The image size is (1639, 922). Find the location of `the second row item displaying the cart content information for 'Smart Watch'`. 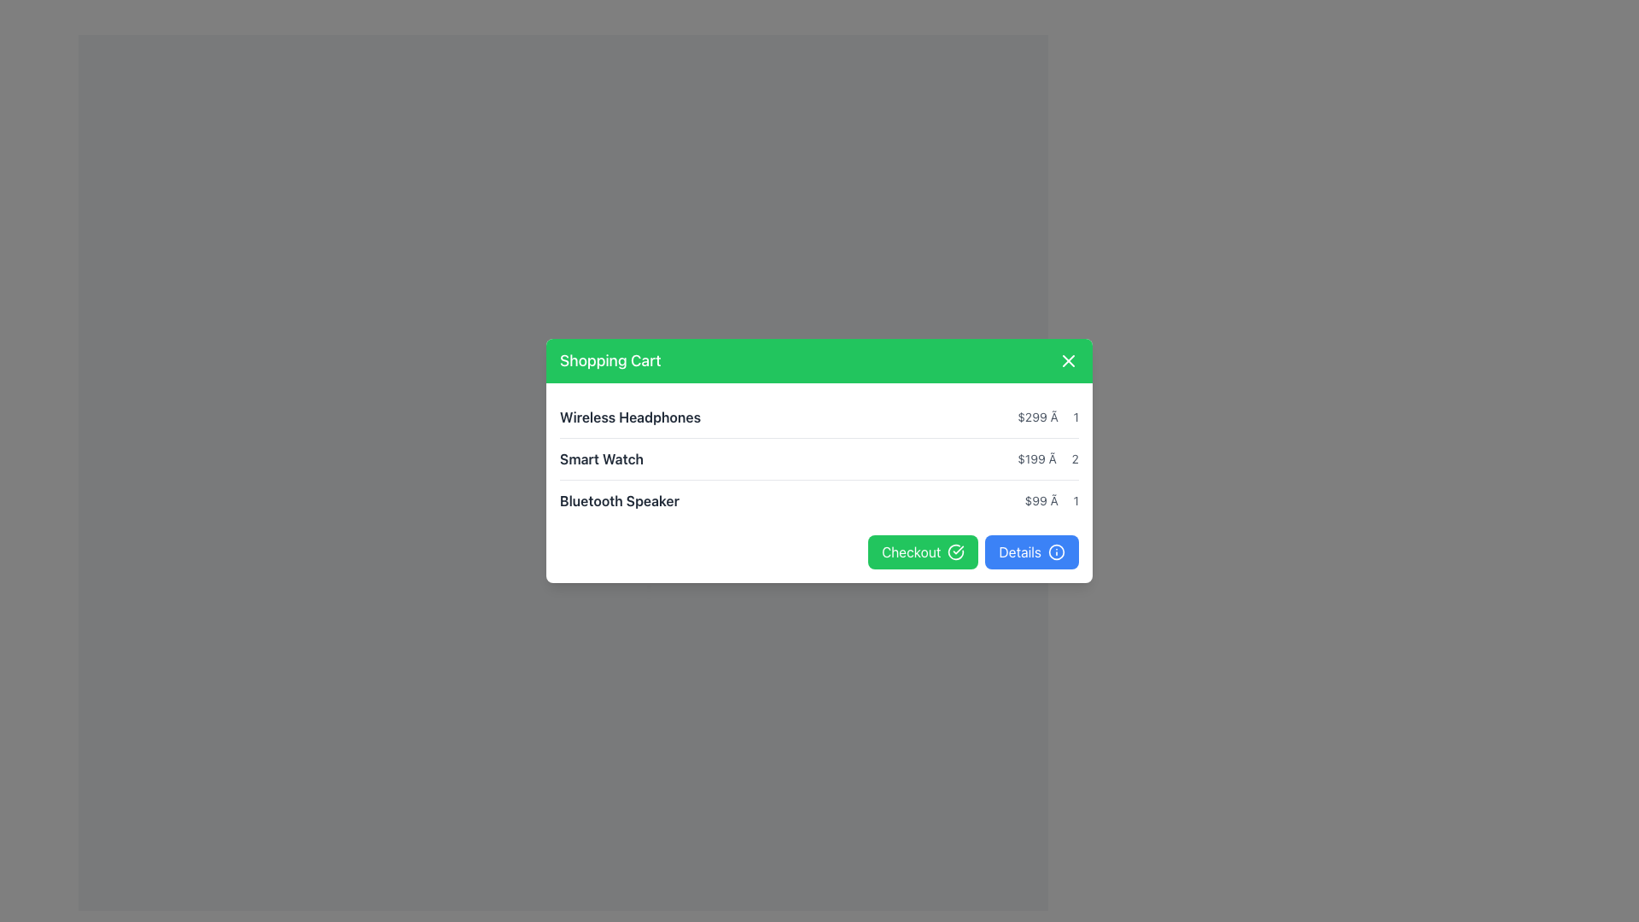

the second row item displaying the cart content information for 'Smart Watch' is located at coordinates (819, 458).